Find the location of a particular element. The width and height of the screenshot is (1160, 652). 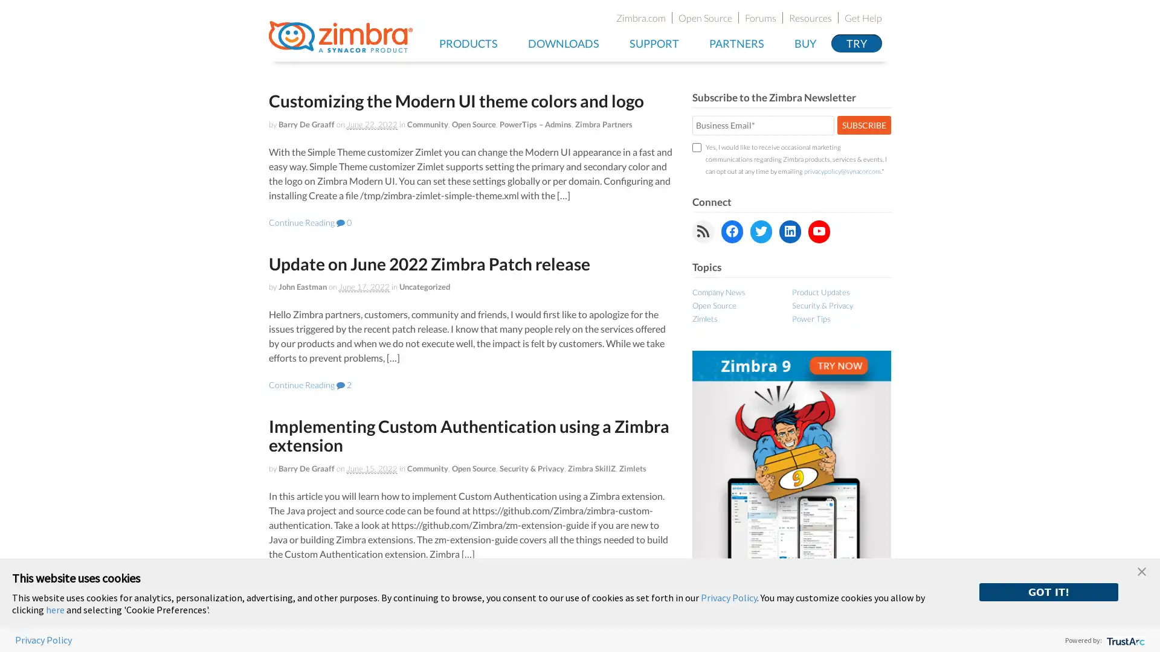

SUBSCRIBE is located at coordinates (866, 125).